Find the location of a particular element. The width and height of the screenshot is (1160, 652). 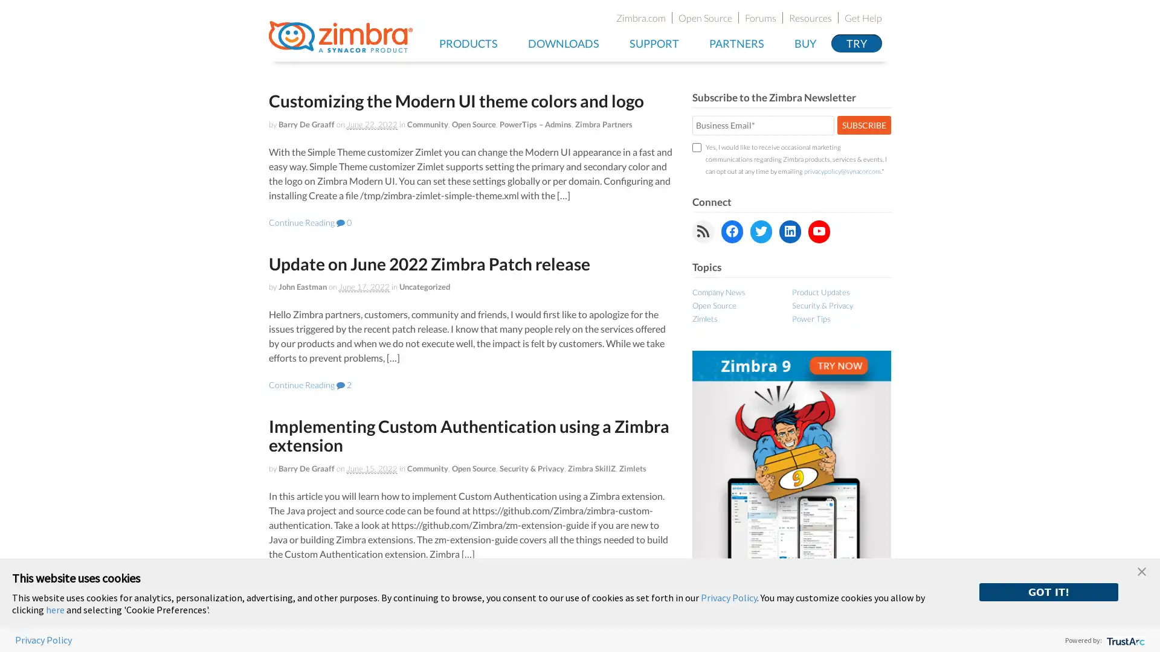

SUBSCRIBE is located at coordinates (866, 125).